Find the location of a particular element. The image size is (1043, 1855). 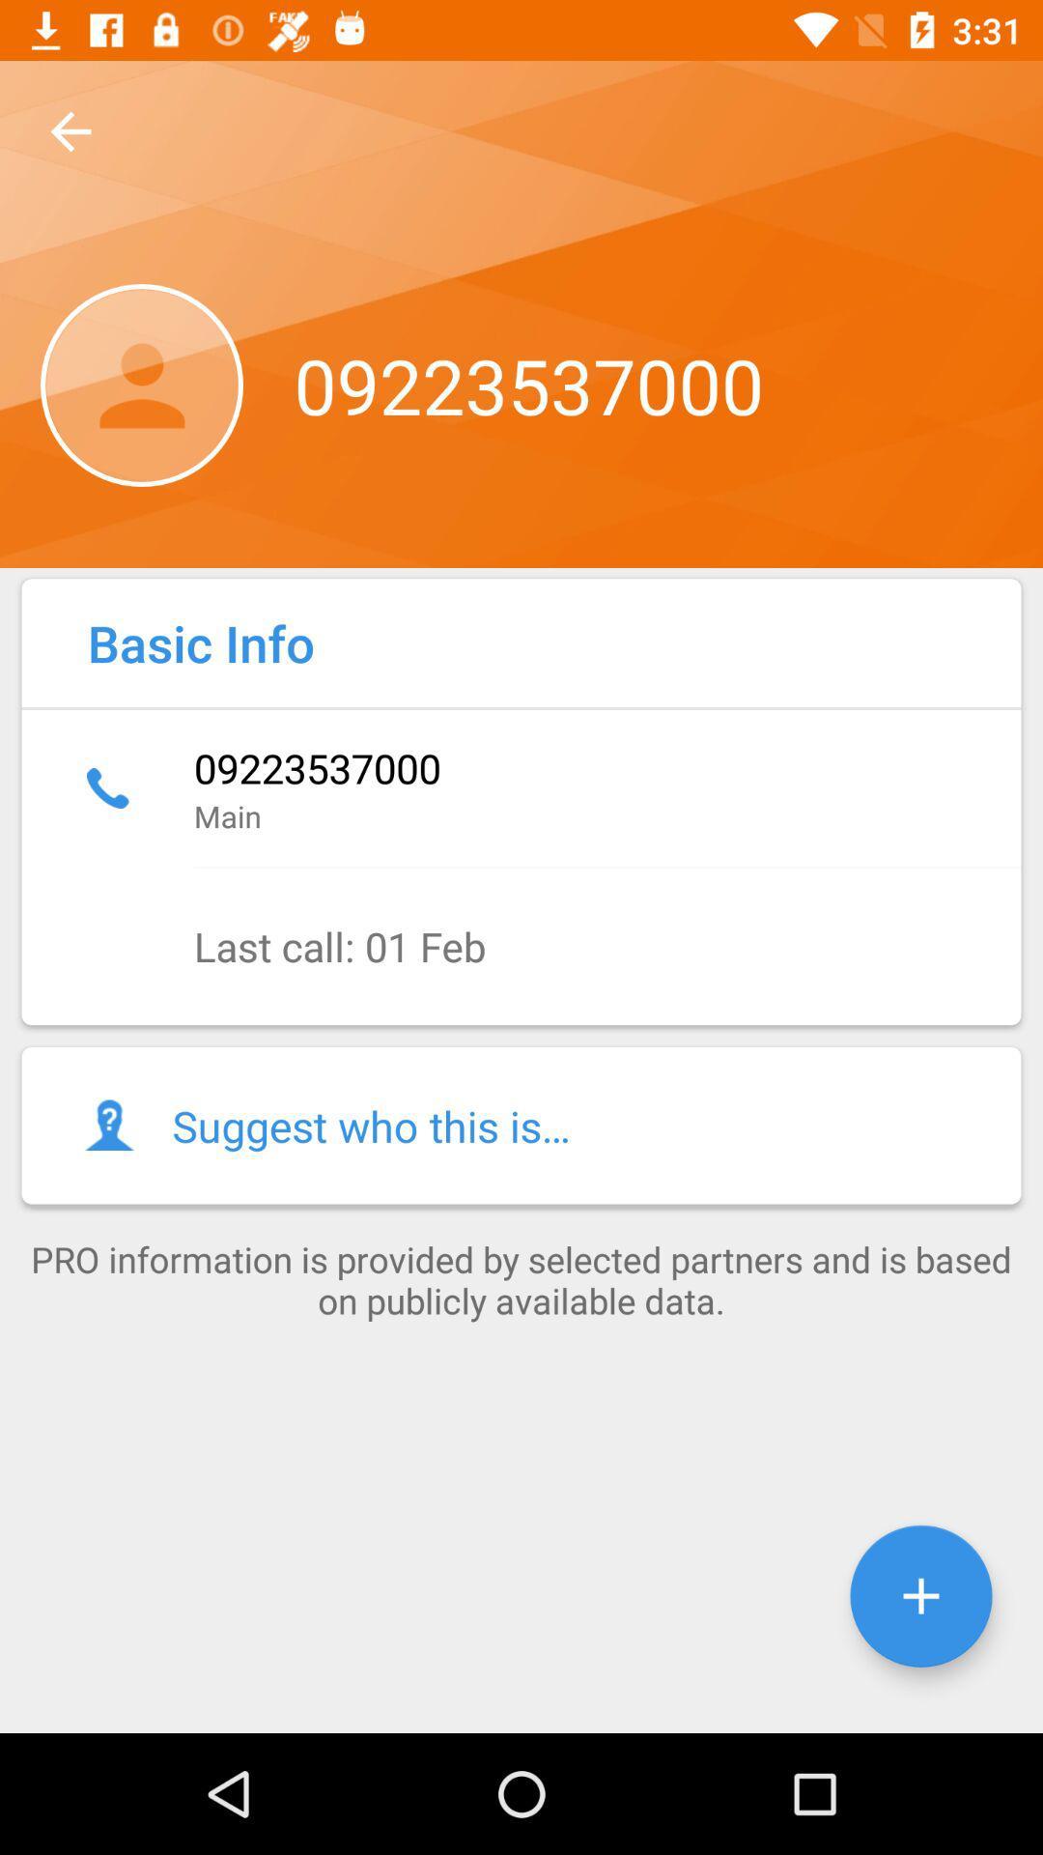

item below main is located at coordinates (521, 946).